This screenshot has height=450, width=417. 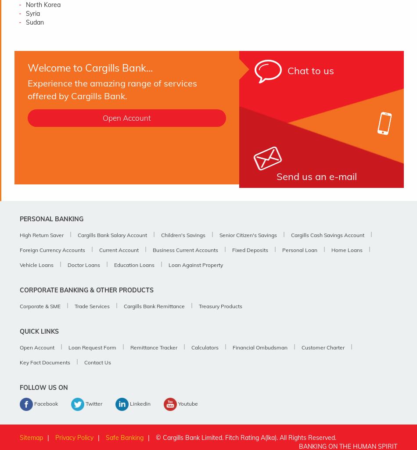 I want to click on 'Safe Banking', so click(x=124, y=437).